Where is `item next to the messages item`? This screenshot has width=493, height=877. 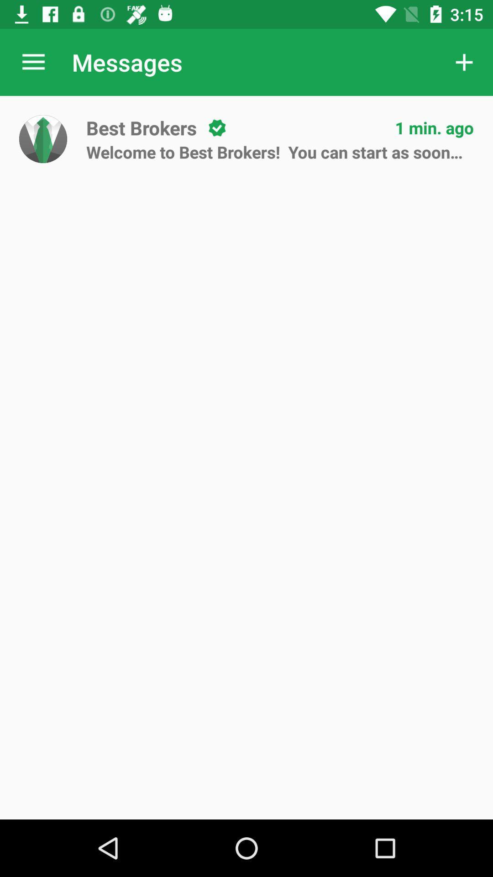 item next to the messages item is located at coordinates (33, 62).